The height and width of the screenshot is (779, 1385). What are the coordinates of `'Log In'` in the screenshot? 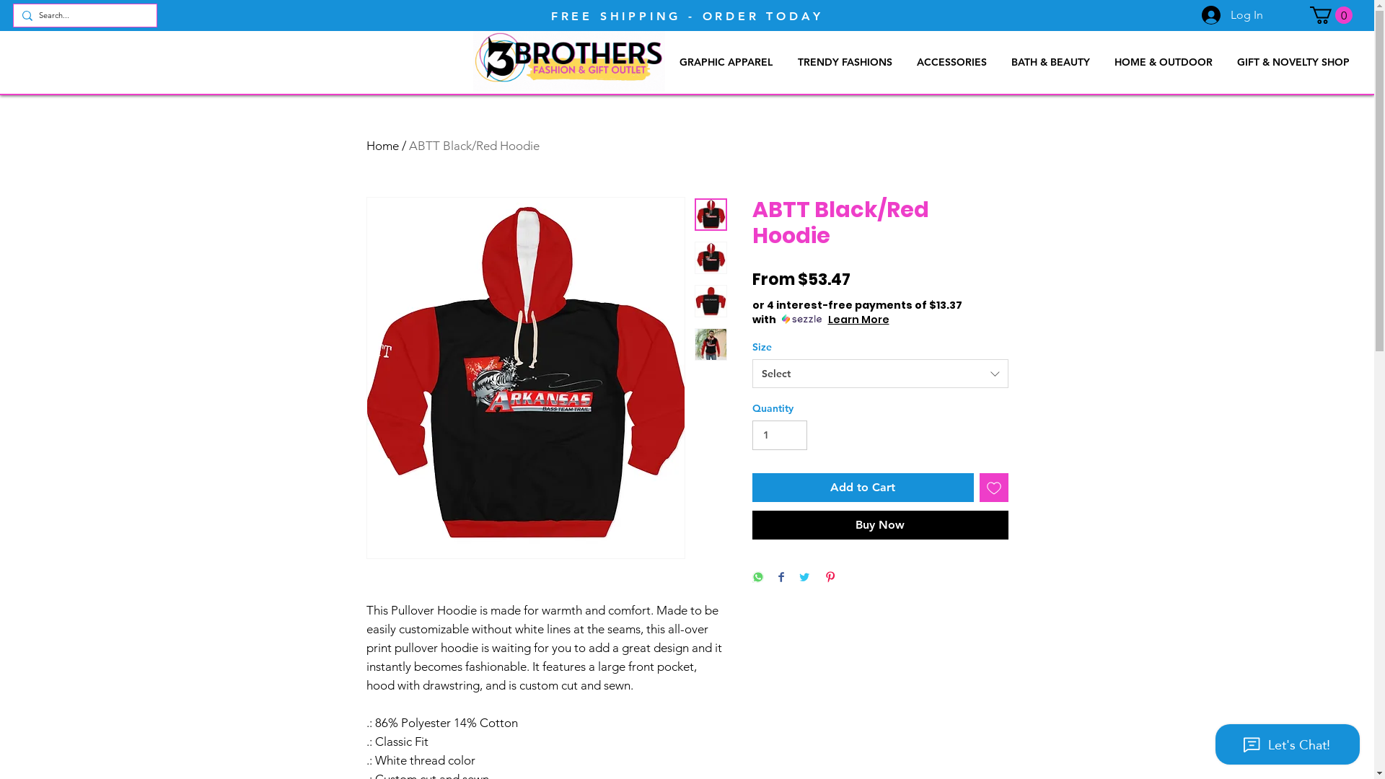 It's located at (1231, 14).